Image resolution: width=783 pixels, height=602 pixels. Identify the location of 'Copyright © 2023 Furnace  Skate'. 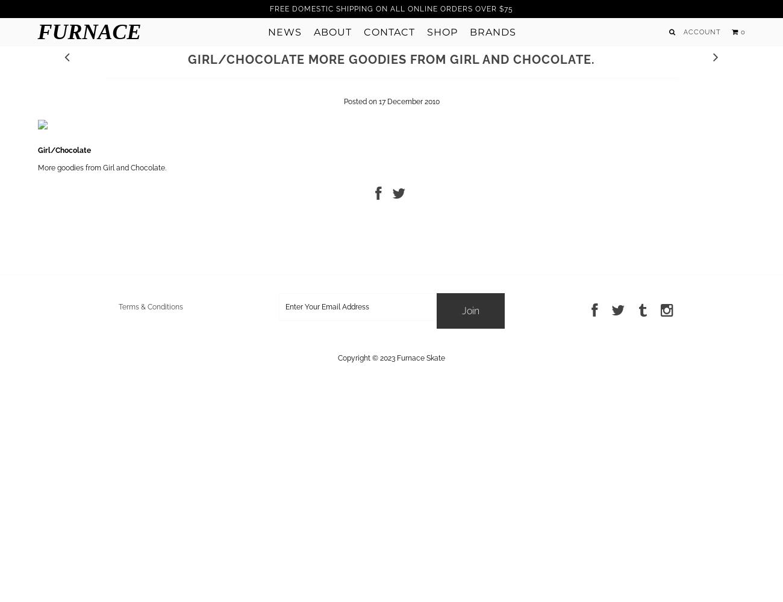
(391, 357).